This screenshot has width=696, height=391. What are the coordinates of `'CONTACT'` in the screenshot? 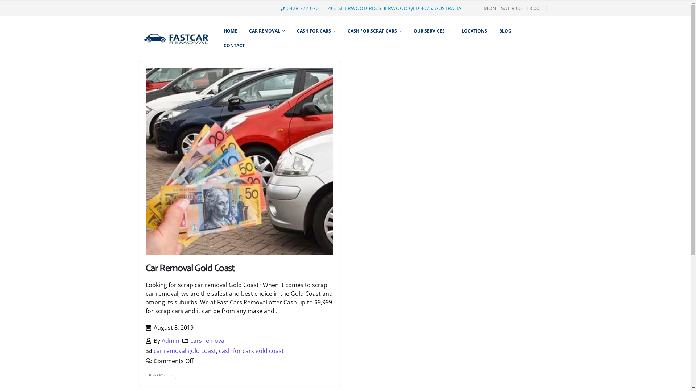 It's located at (234, 46).